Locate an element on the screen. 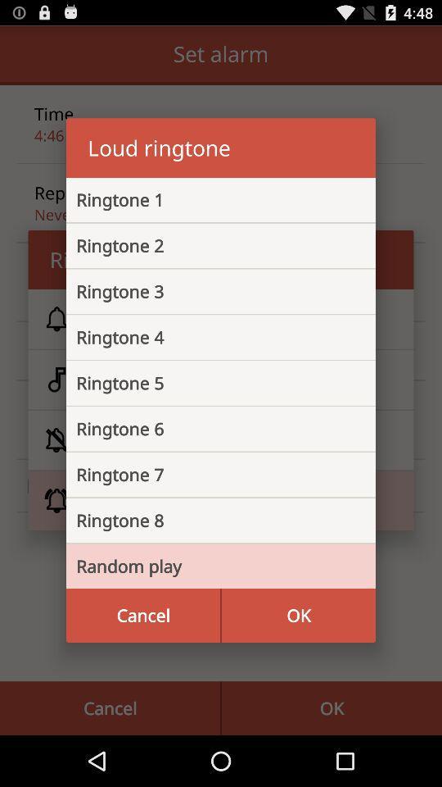  the icon above ringtone 3 item is located at coordinates (208, 244).